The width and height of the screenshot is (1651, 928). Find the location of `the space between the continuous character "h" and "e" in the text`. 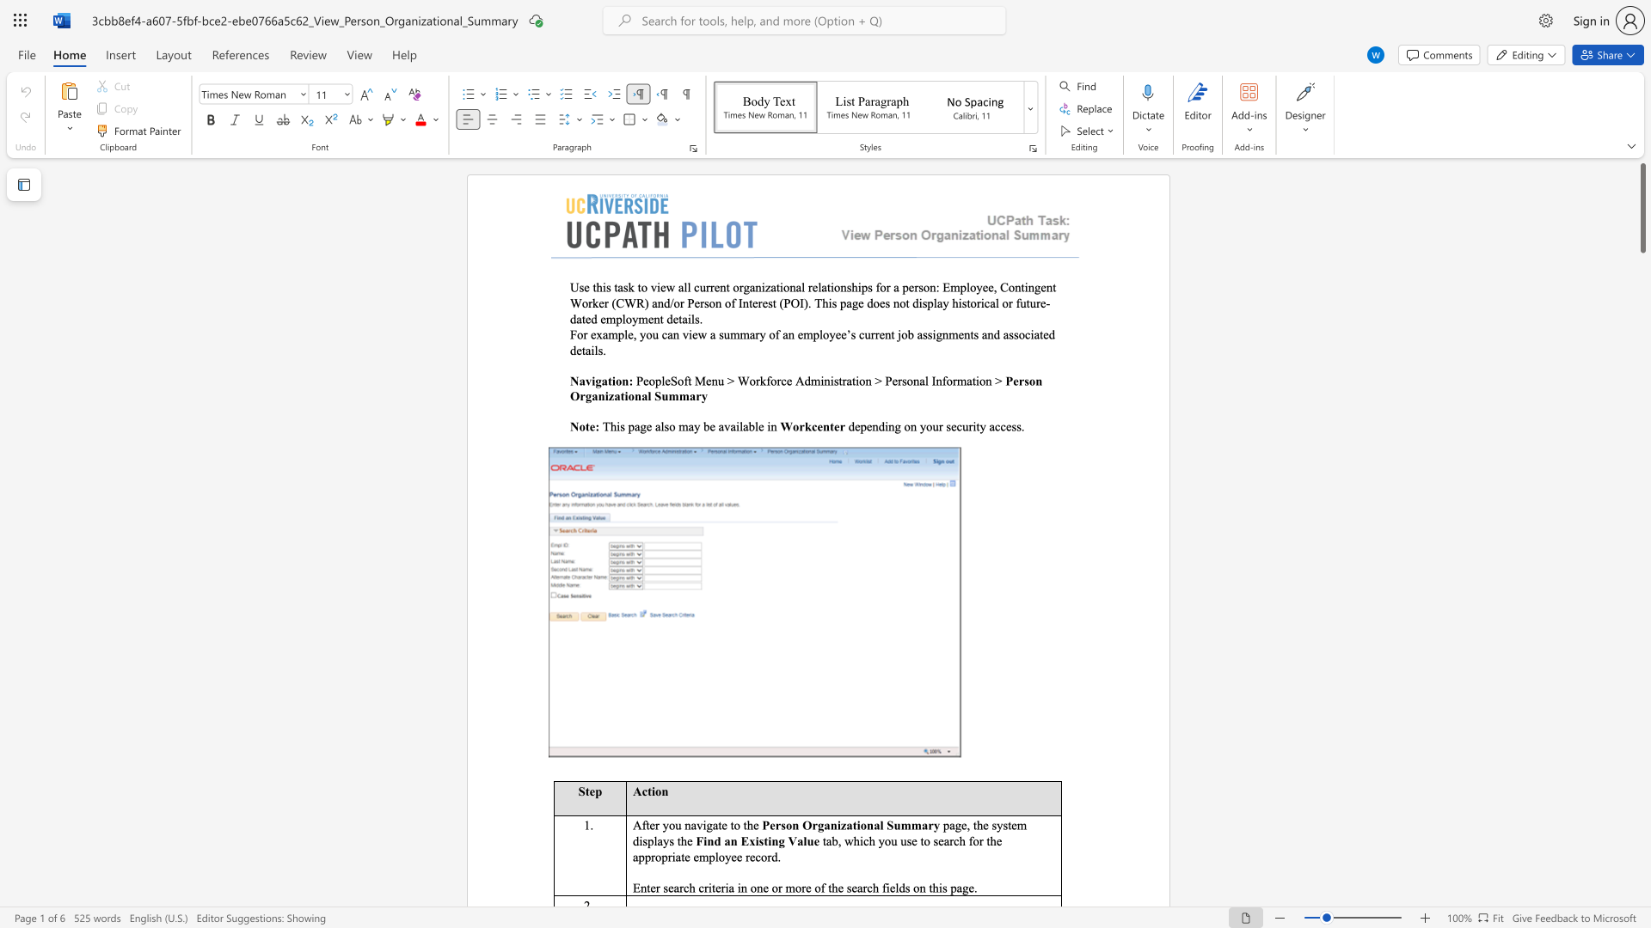

the space between the continuous character "h" and "e" in the text is located at coordinates (752, 824).